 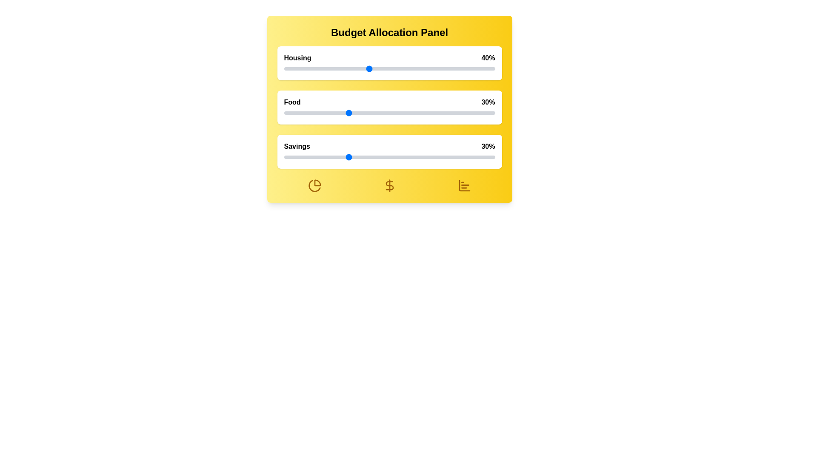 What do you see at coordinates (414, 113) in the screenshot?
I see `the allocation percentage for 'Food'` at bounding box center [414, 113].